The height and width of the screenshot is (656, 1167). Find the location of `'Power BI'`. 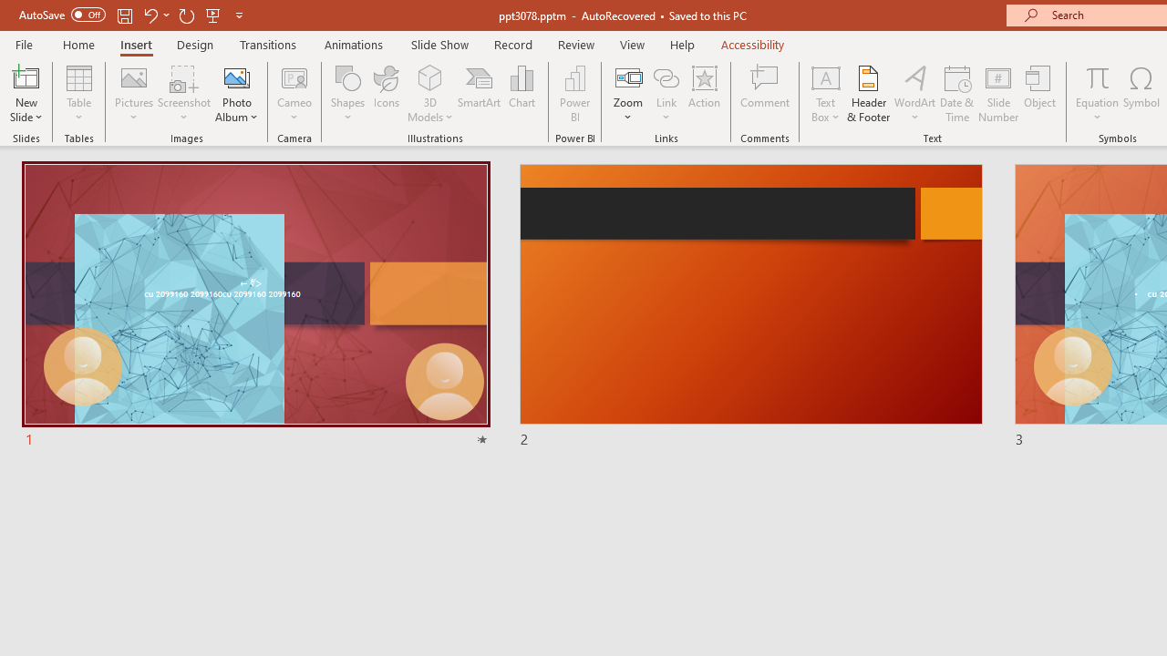

'Power BI' is located at coordinates (574, 94).